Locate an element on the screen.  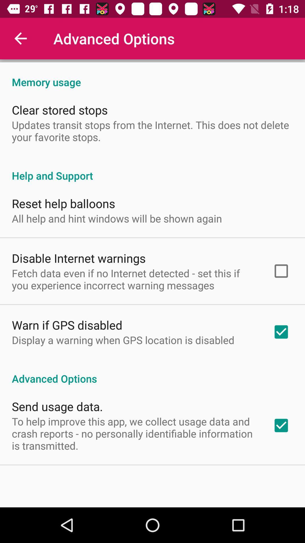
icon above the all help and icon is located at coordinates (63, 203).